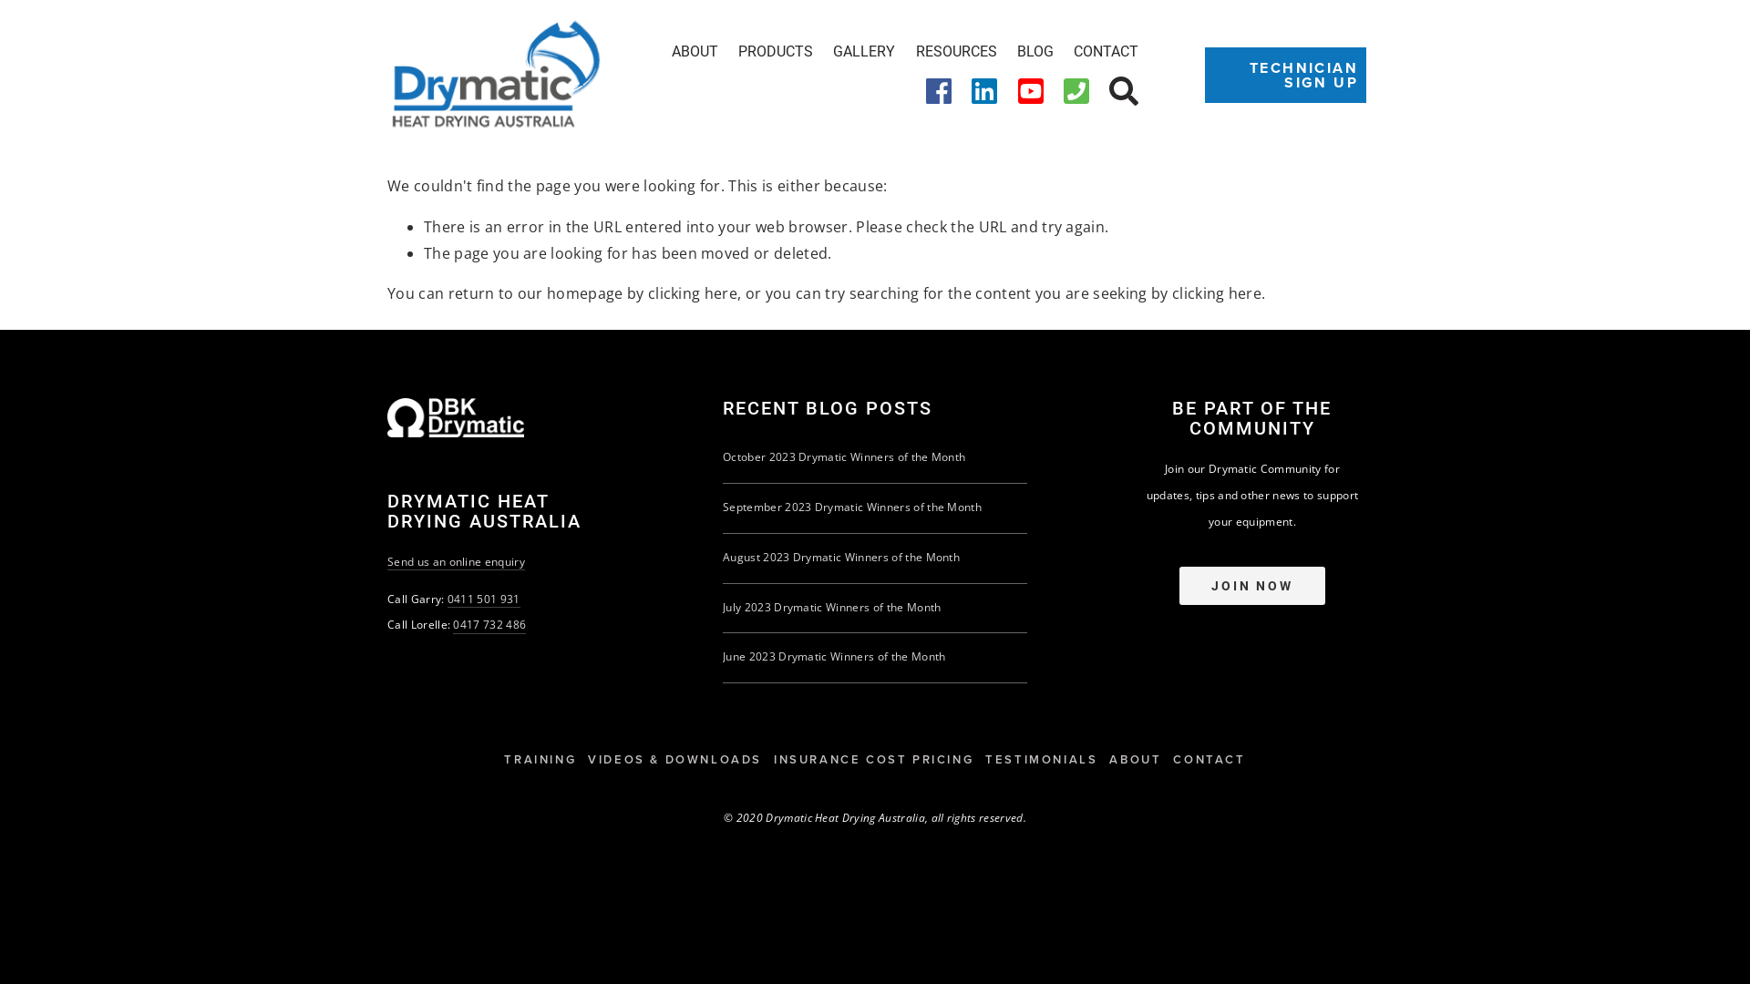  I want to click on 'TECHNICIAN SIGN UP', so click(1284, 75).